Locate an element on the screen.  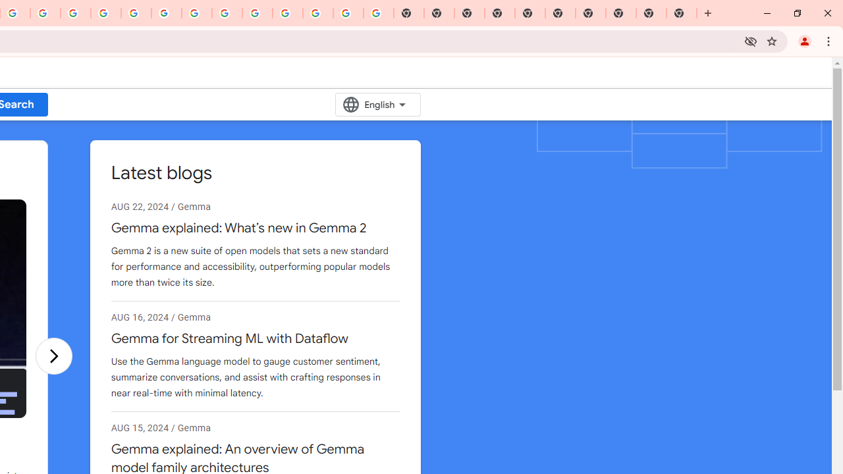
'YouTube' is located at coordinates (196, 13).